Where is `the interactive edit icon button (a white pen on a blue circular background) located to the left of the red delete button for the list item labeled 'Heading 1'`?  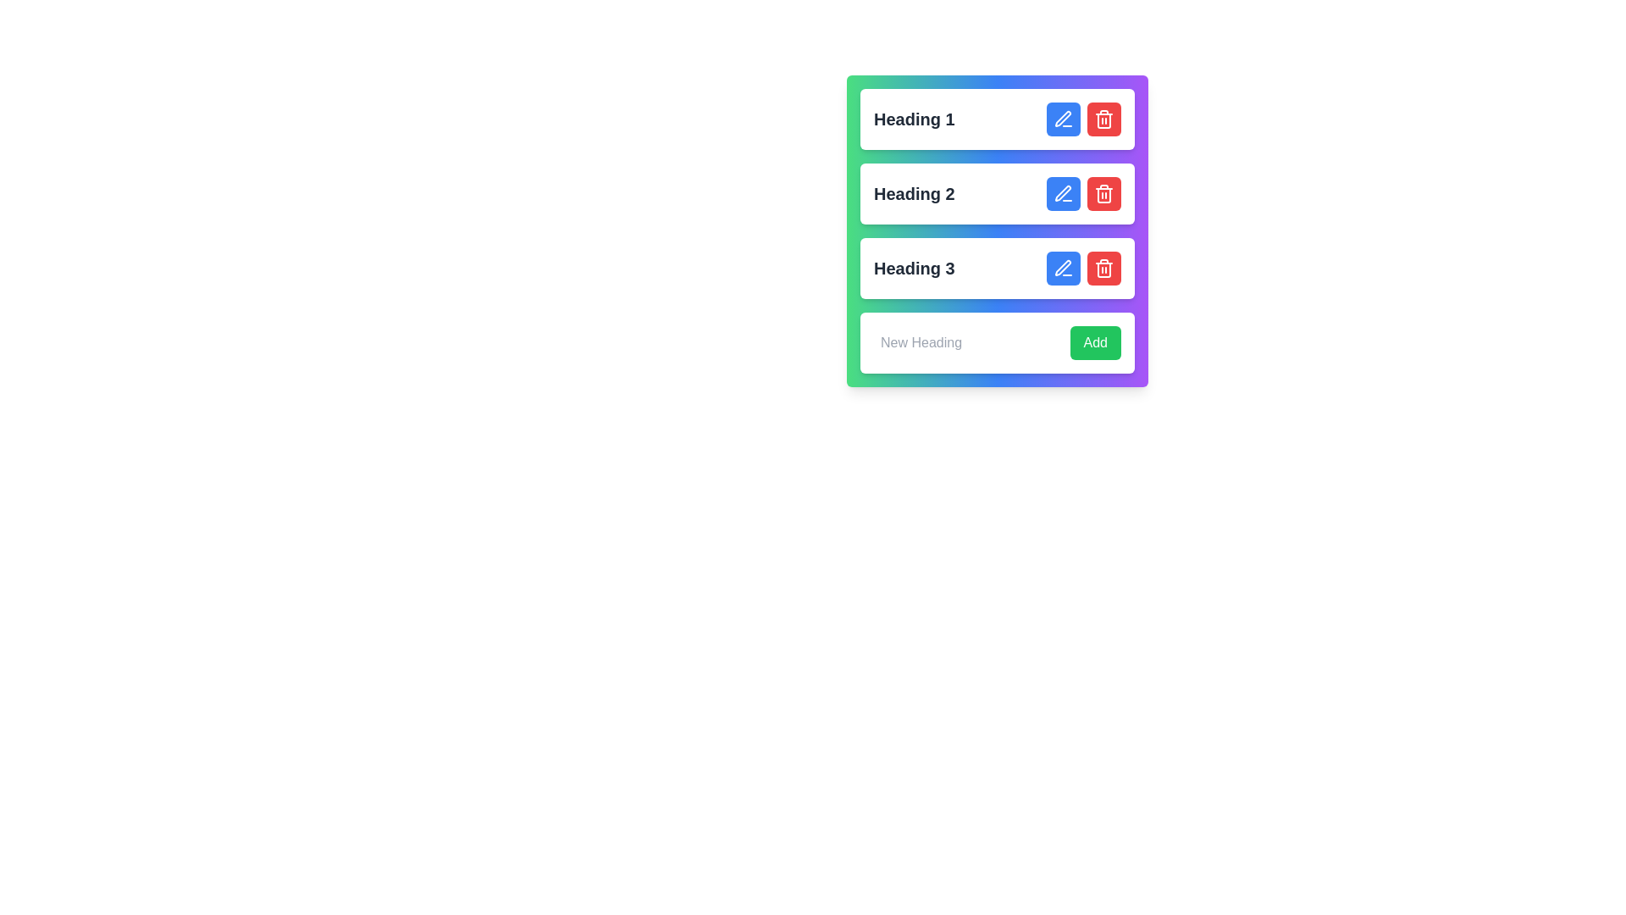 the interactive edit icon button (a white pen on a blue circular background) located to the left of the red delete button for the list item labeled 'Heading 1' is located at coordinates (1061, 117).